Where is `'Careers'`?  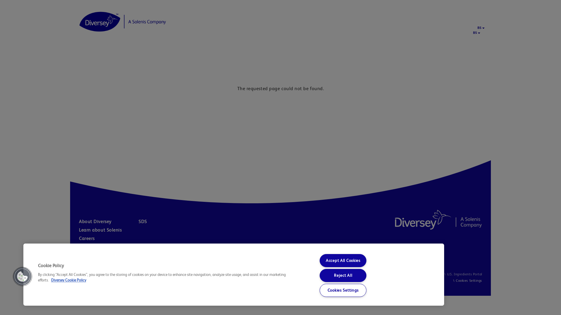
'Careers' is located at coordinates (78, 238).